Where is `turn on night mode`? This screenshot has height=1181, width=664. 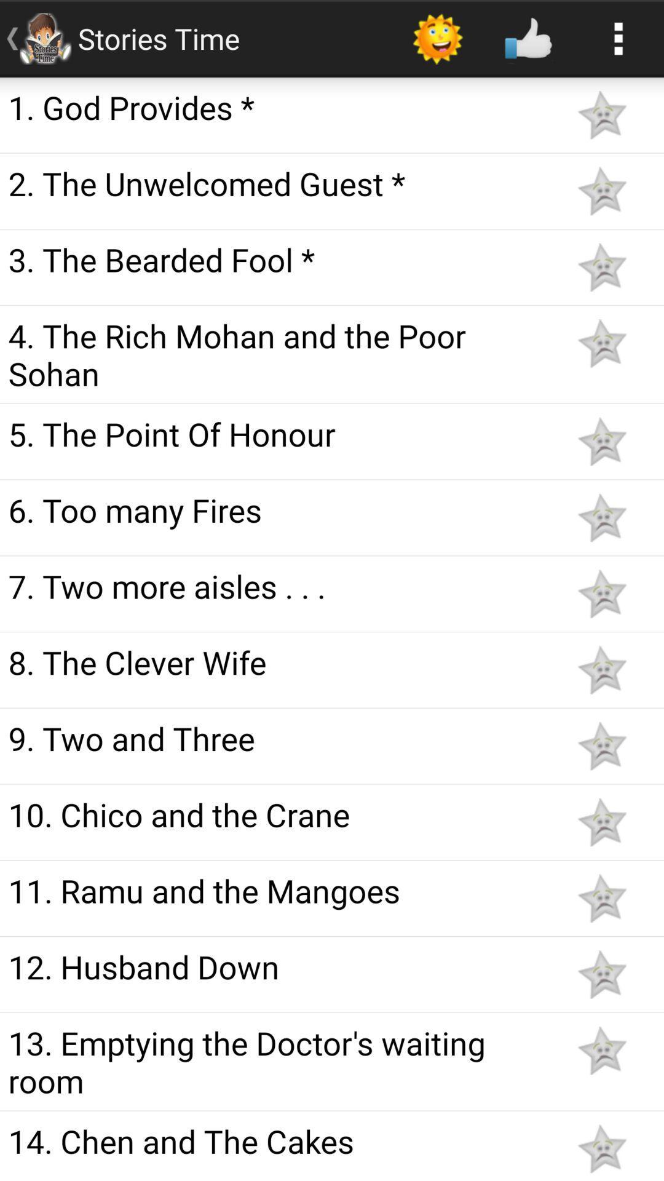 turn on night mode is located at coordinates (601, 1050).